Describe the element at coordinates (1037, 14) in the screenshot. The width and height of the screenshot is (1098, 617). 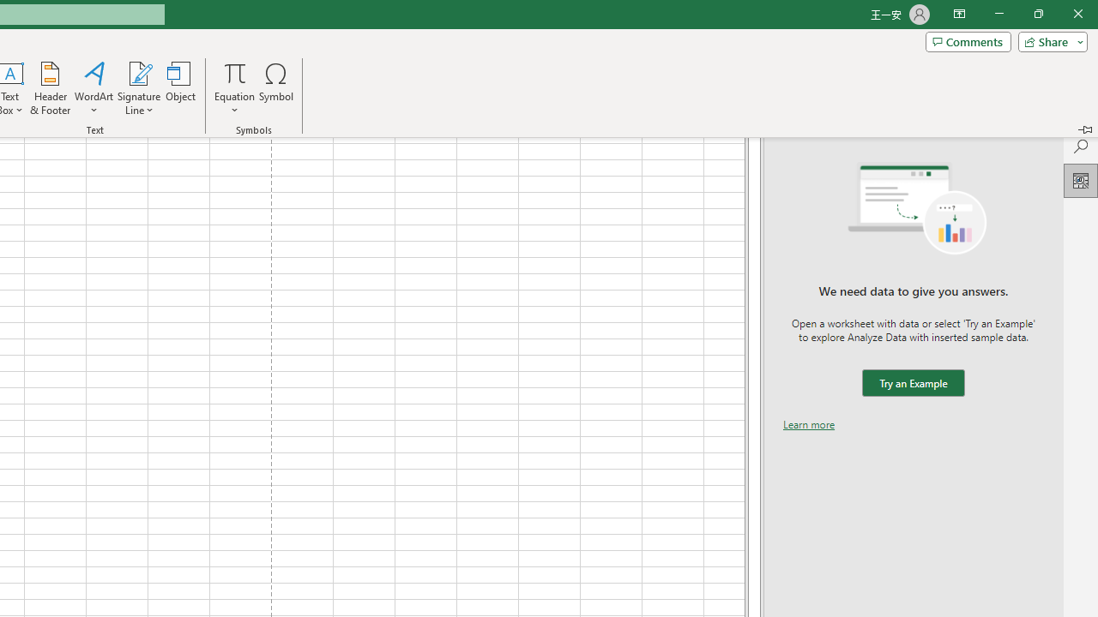
I see `'Restore Down'` at that location.